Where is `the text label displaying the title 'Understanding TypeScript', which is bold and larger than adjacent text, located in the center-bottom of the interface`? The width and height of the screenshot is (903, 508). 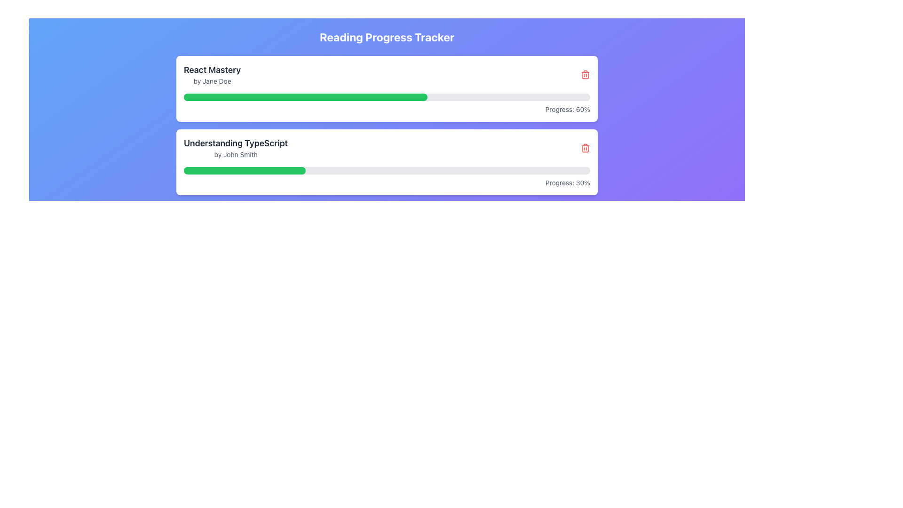
the text label displaying the title 'Understanding TypeScript', which is bold and larger than adjacent text, located in the center-bottom of the interface is located at coordinates (236, 143).